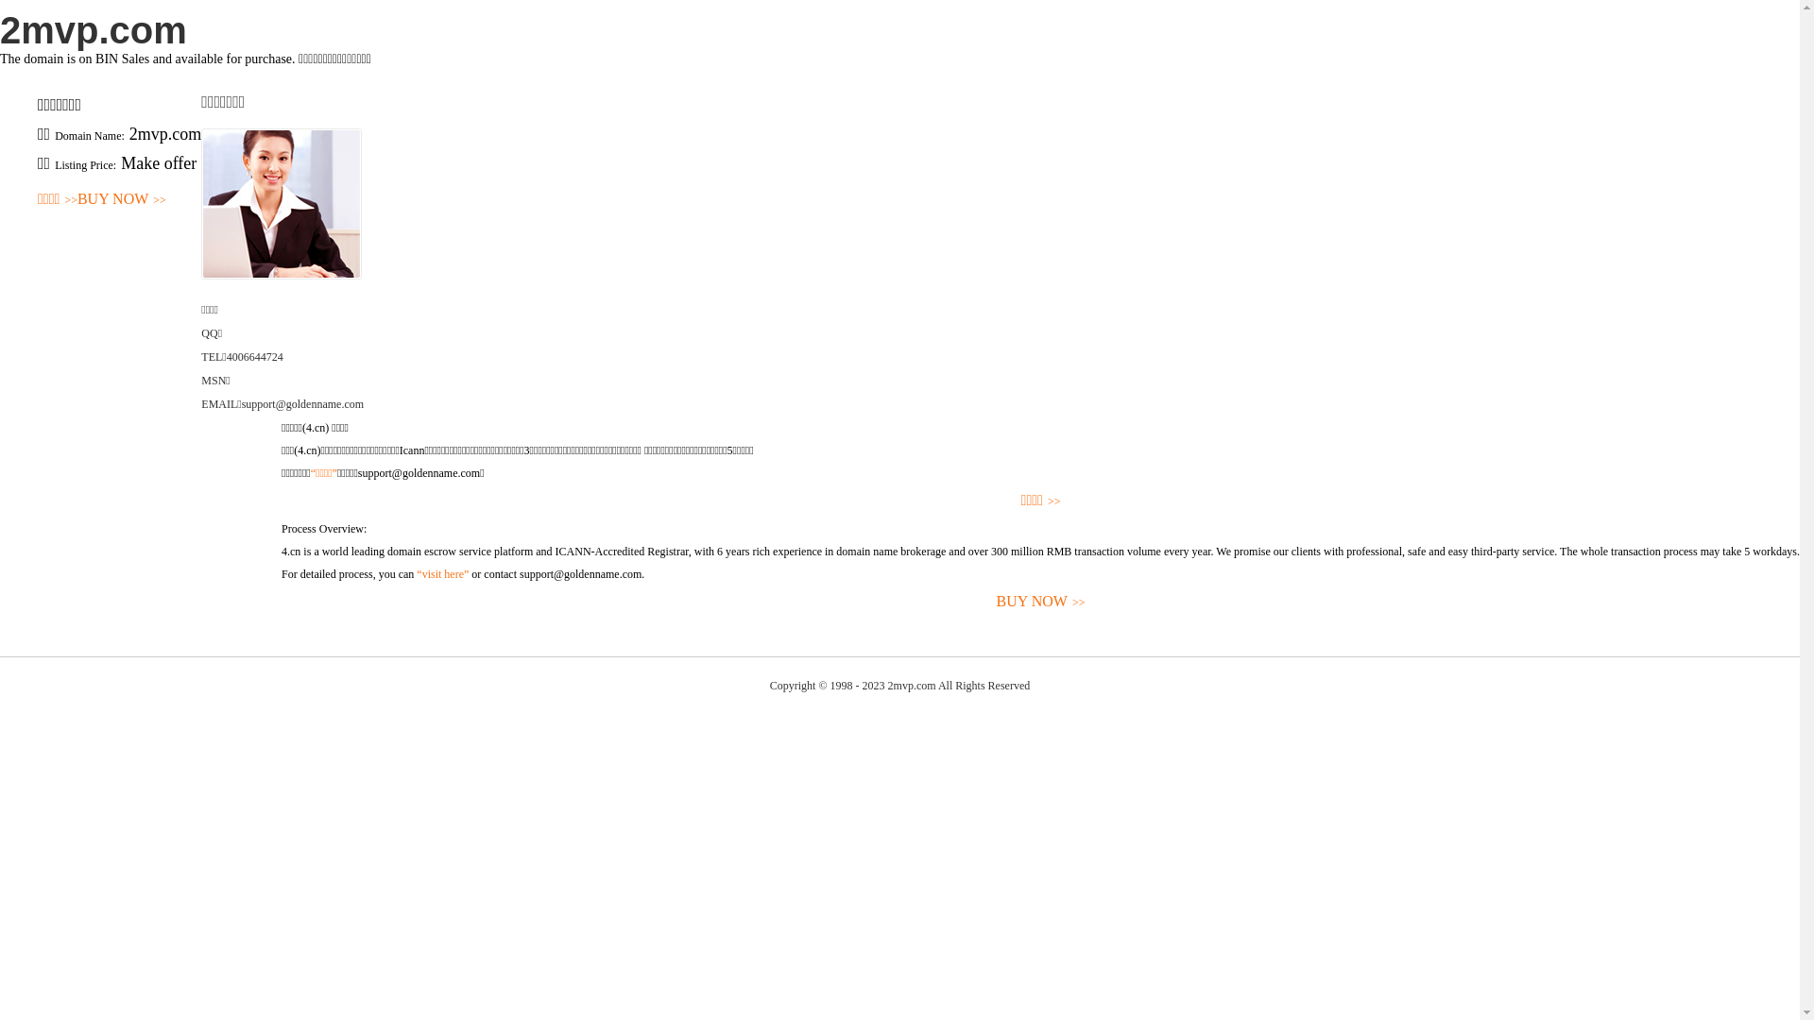  I want to click on 'BUY NOW>>', so click(1039, 602).